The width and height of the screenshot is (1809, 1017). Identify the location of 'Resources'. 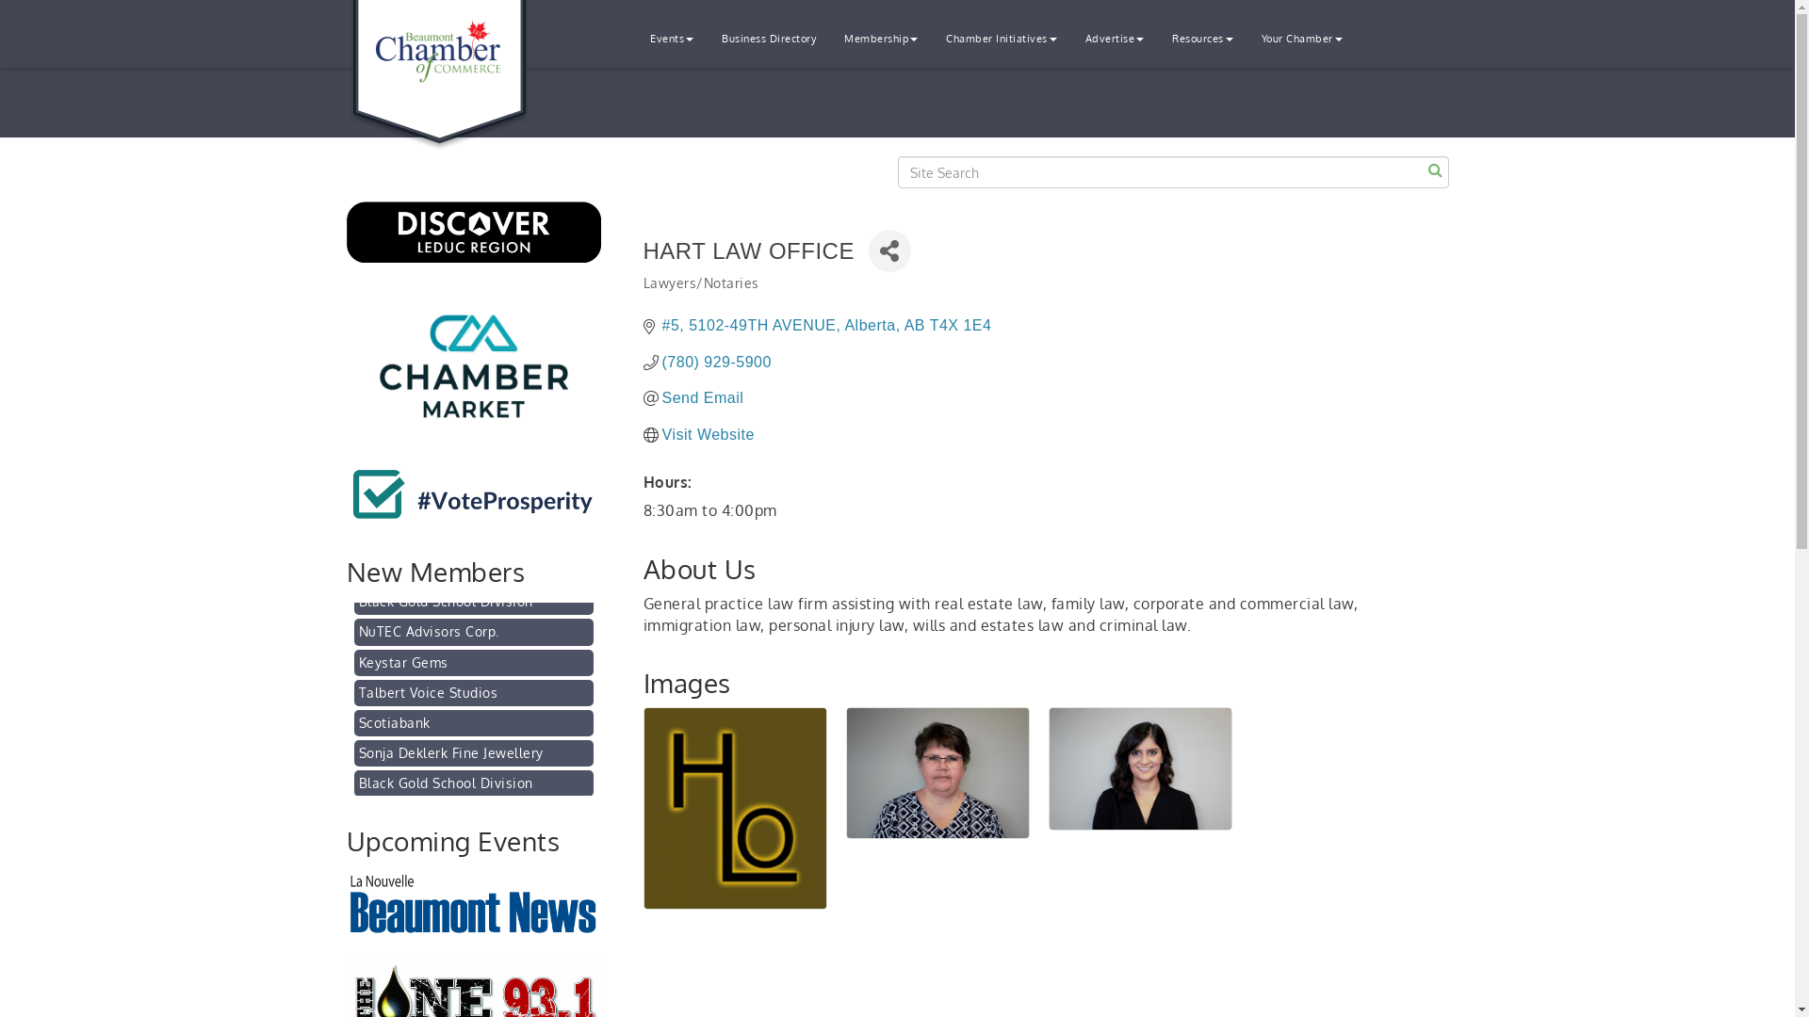
(1201, 39).